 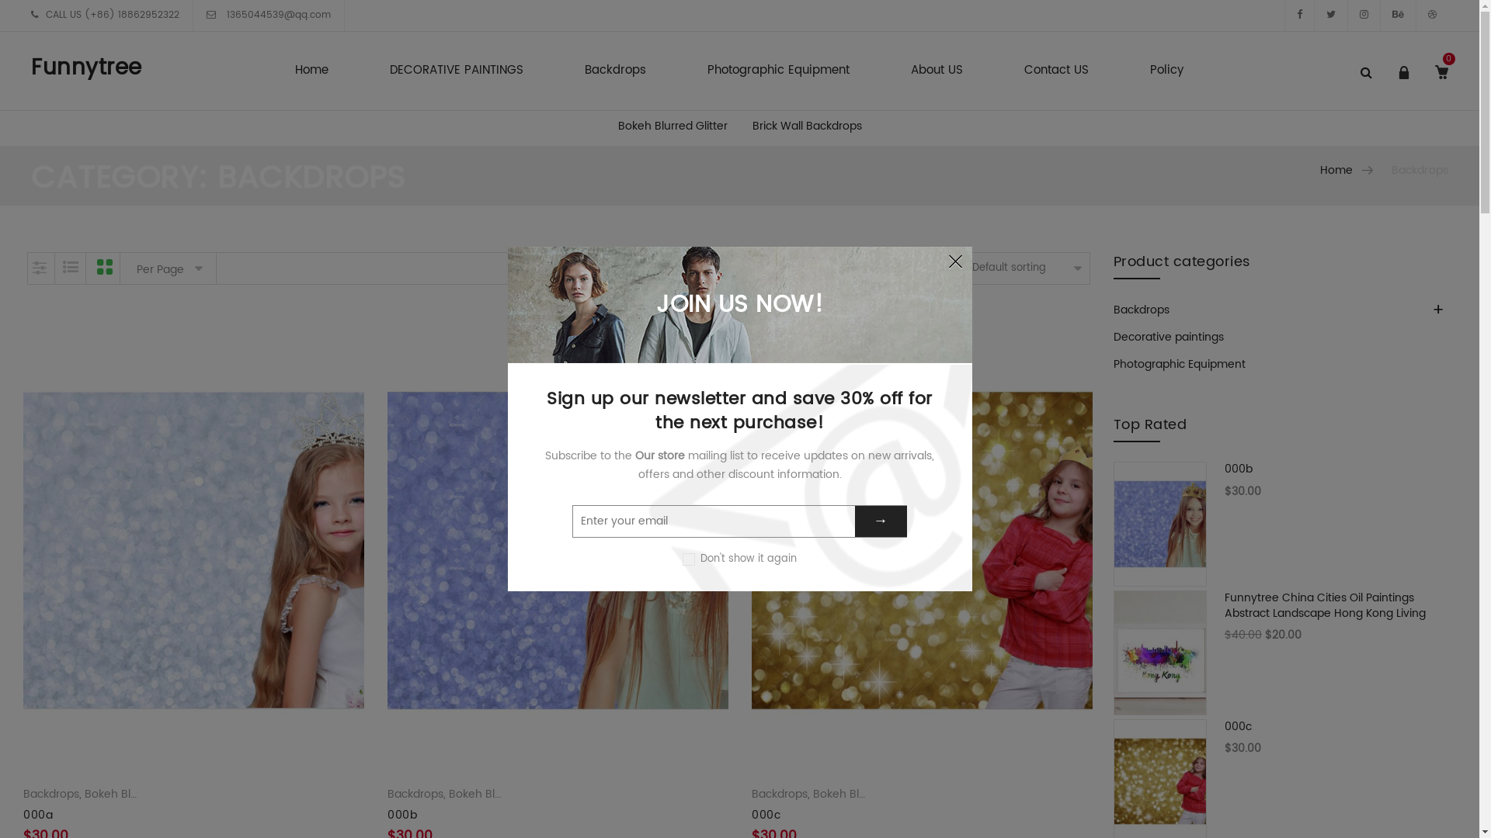 I want to click on 'Default sorting', so click(x=1028, y=268).